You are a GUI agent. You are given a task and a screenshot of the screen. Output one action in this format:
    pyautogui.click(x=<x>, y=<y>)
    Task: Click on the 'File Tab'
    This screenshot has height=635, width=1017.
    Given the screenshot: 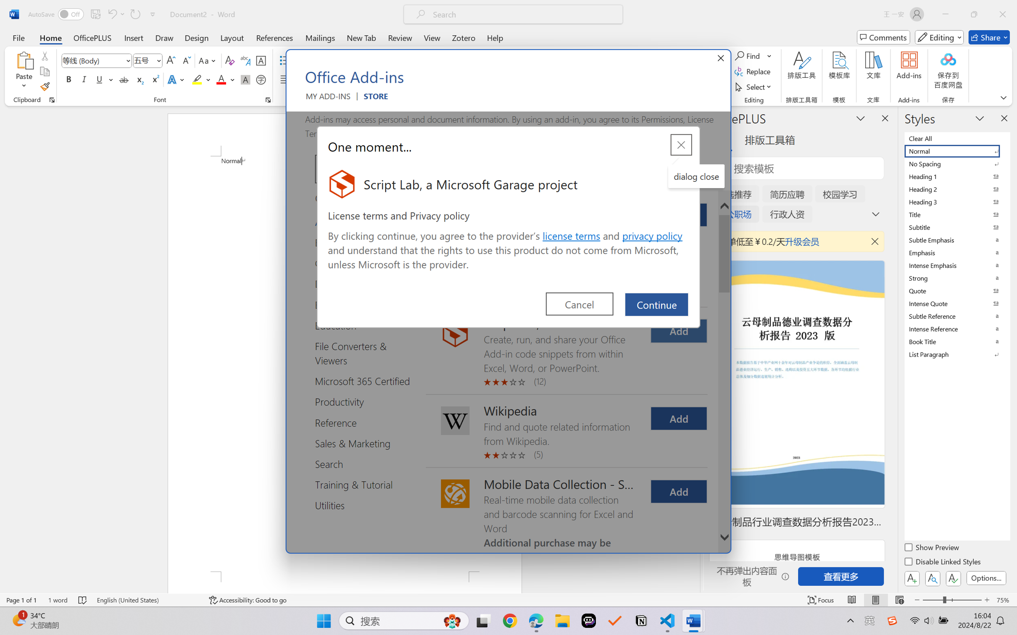 What is the action you would take?
    pyautogui.click(x=18, y=37)
    